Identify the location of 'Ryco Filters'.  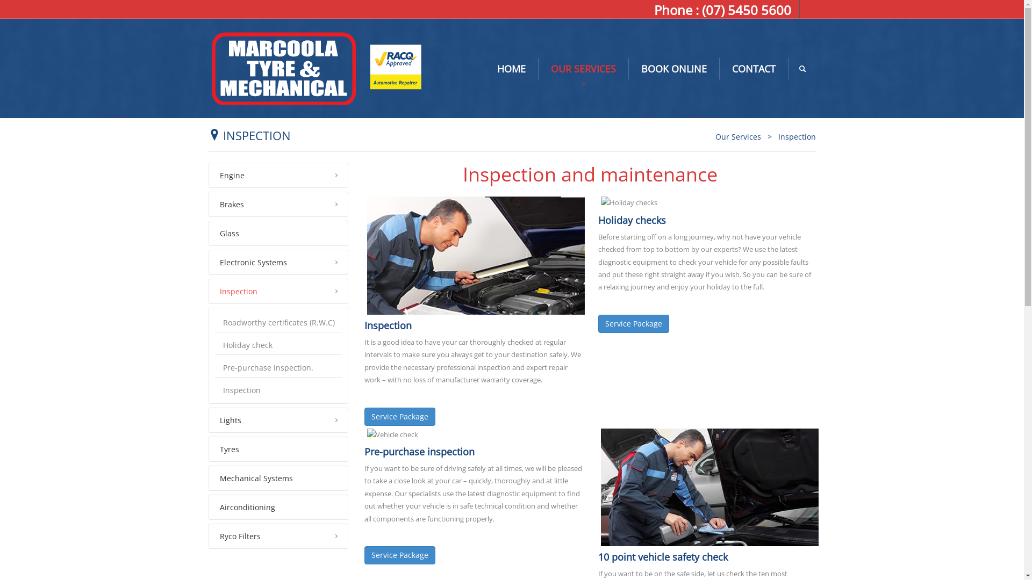
(278, 536).